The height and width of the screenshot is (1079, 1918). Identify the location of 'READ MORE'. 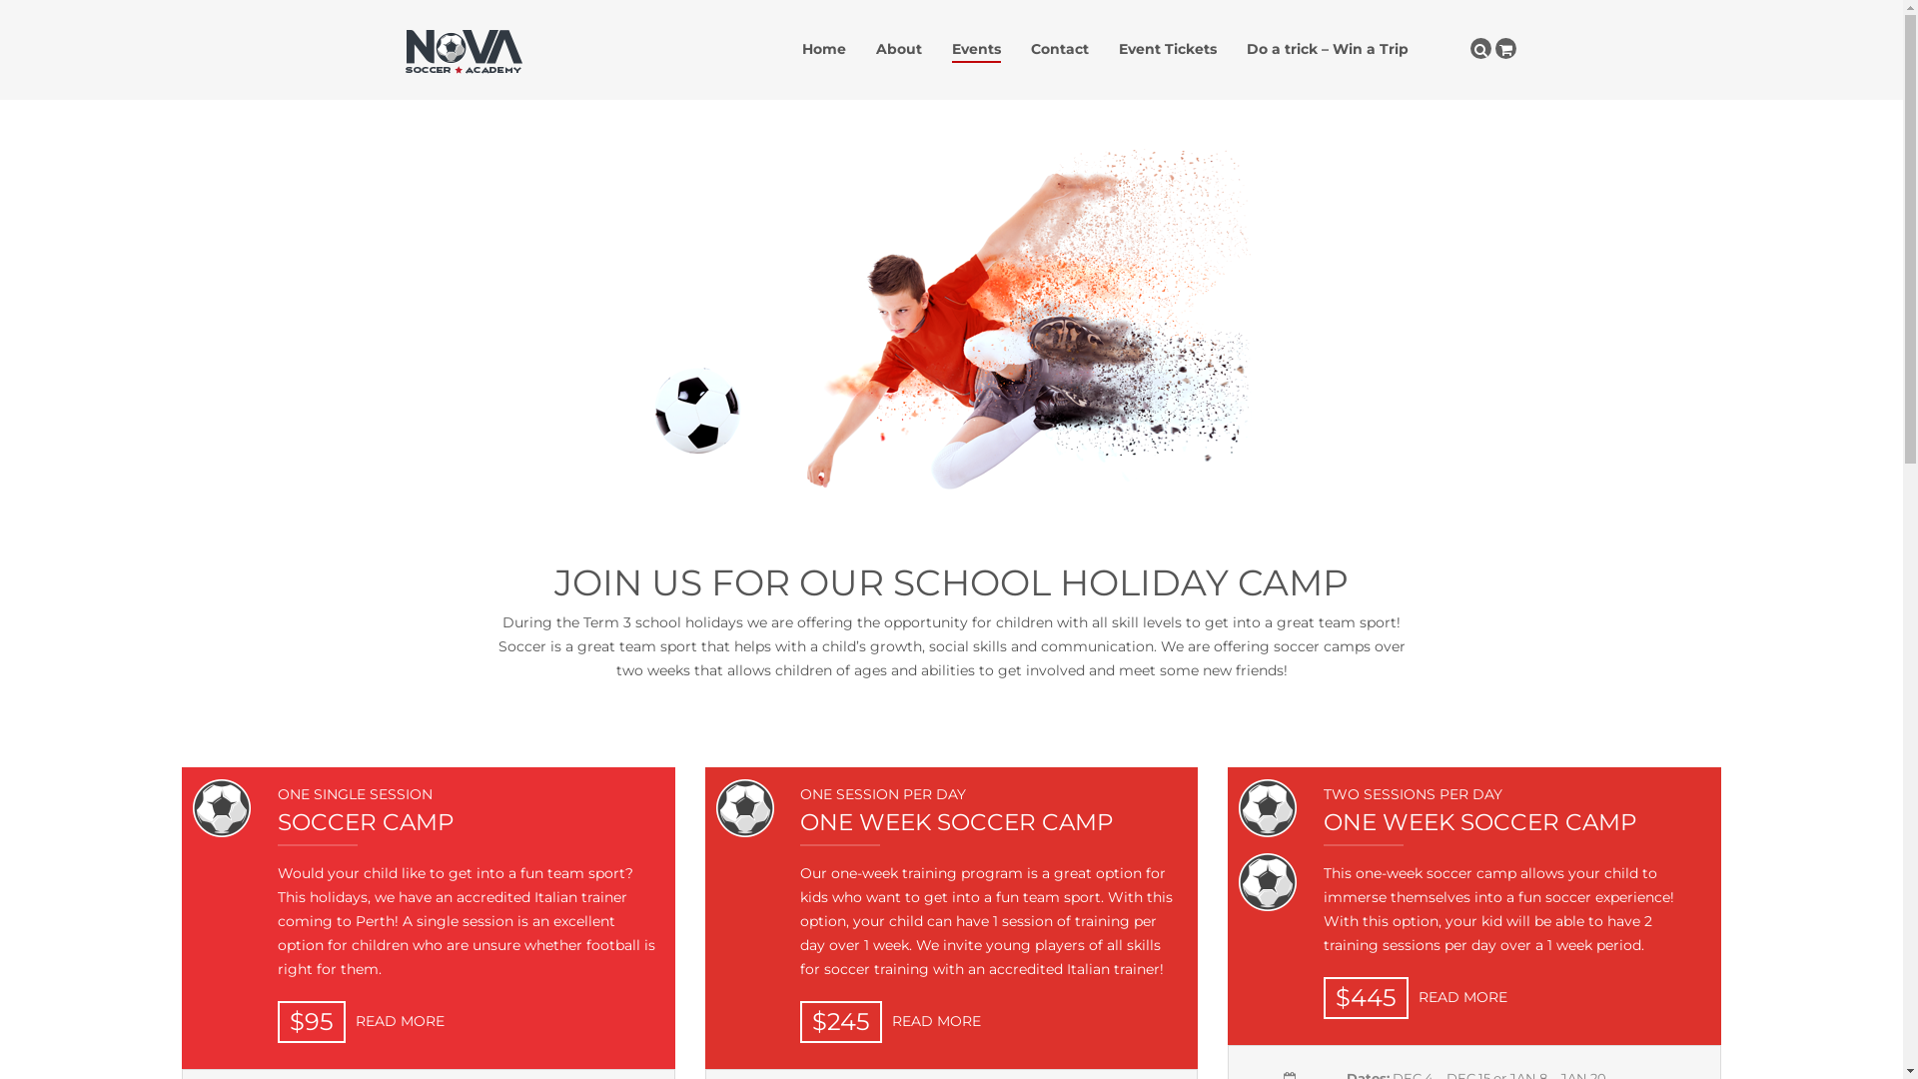
(881, 1021).